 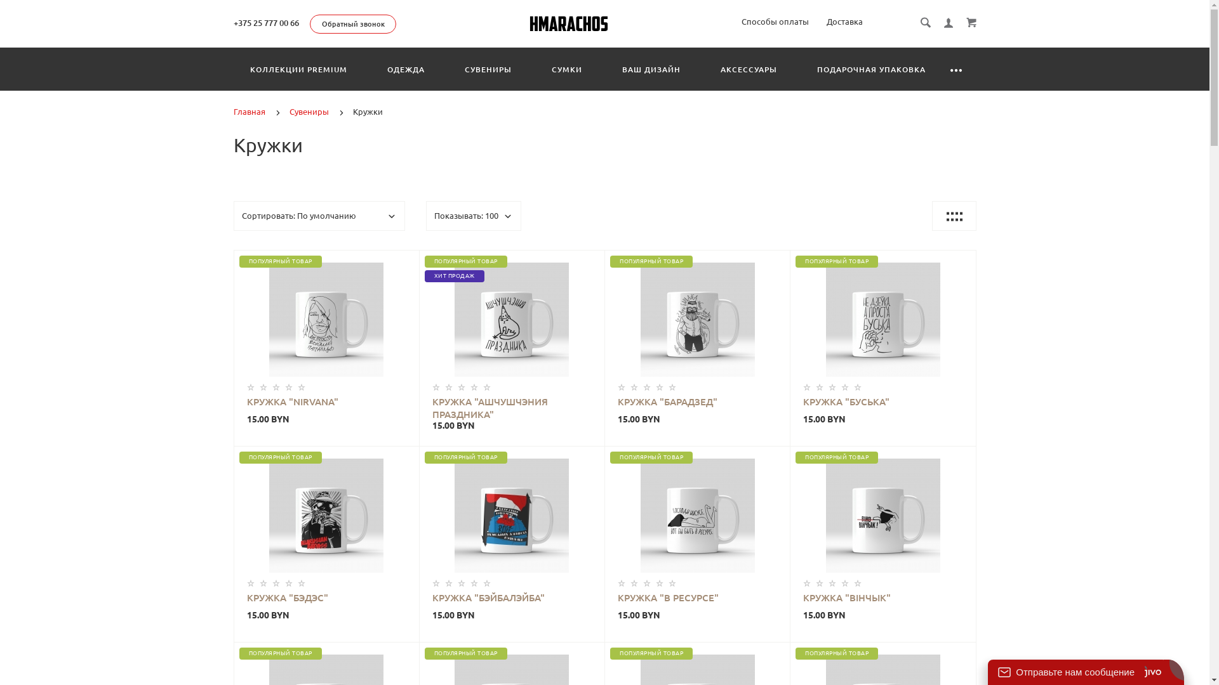 I want to click on '+375 25 777 00 66', so click(x=234, y=22).